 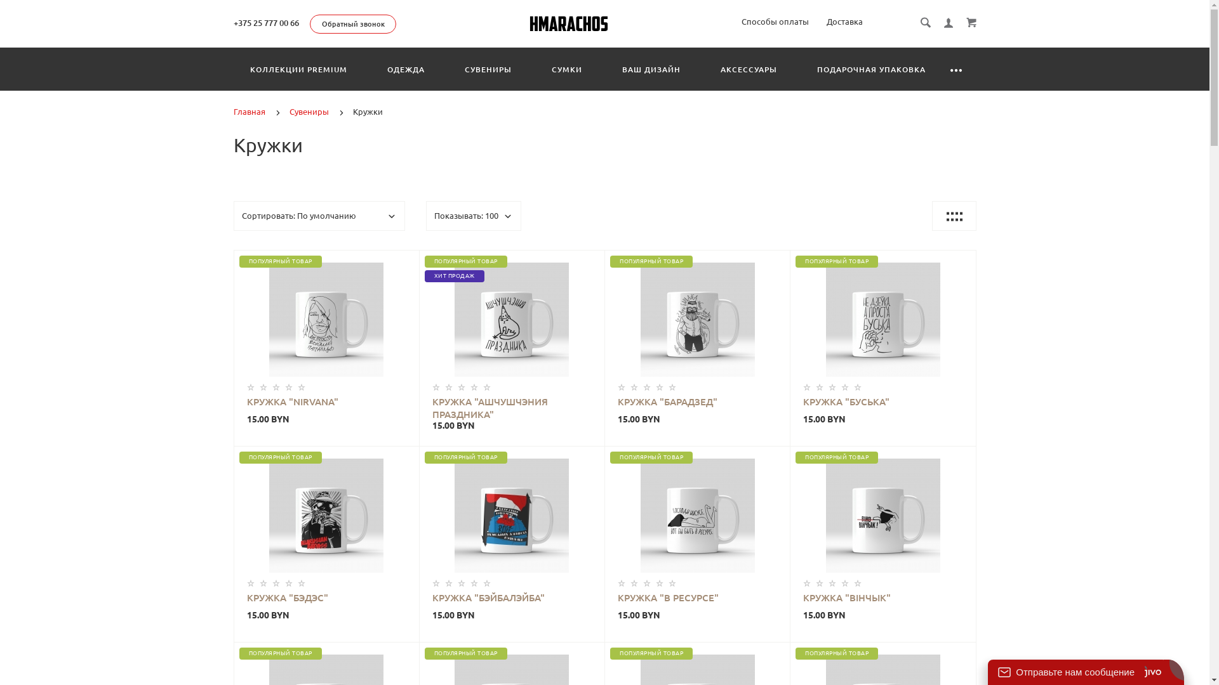 I want to click on '+375 25 777 00 66', so click(x=234, y=22).